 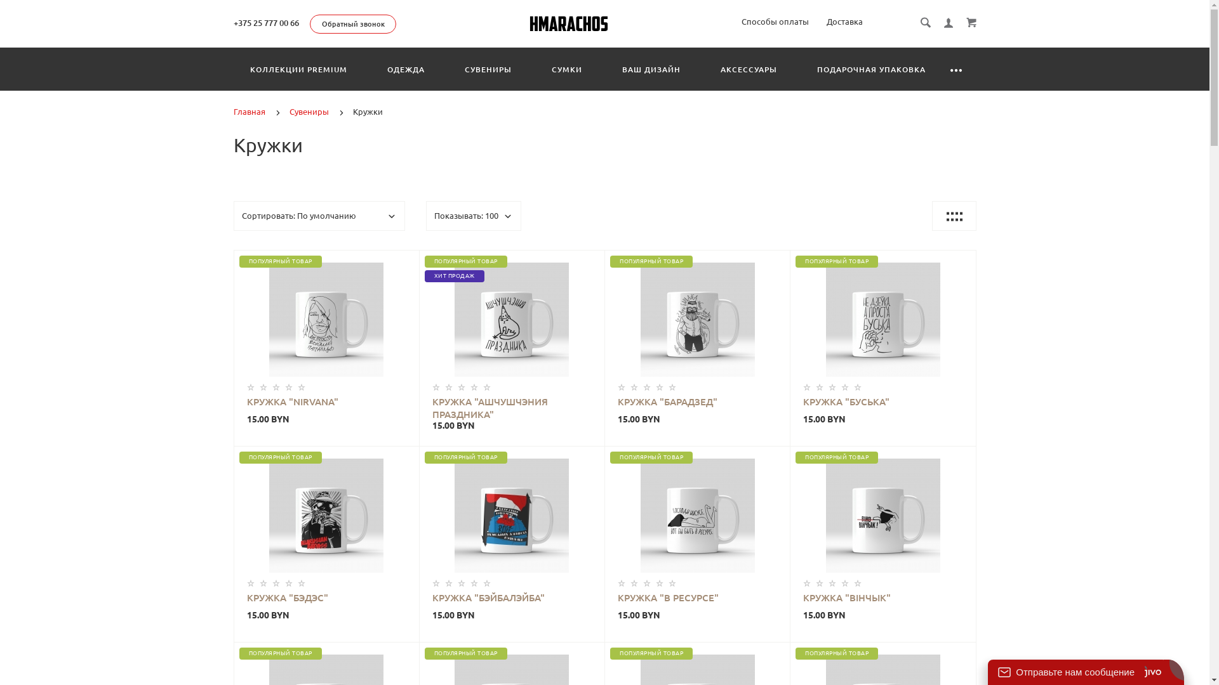 I want to click on '+375 25 777 00 66', so click(x=234, y=22).